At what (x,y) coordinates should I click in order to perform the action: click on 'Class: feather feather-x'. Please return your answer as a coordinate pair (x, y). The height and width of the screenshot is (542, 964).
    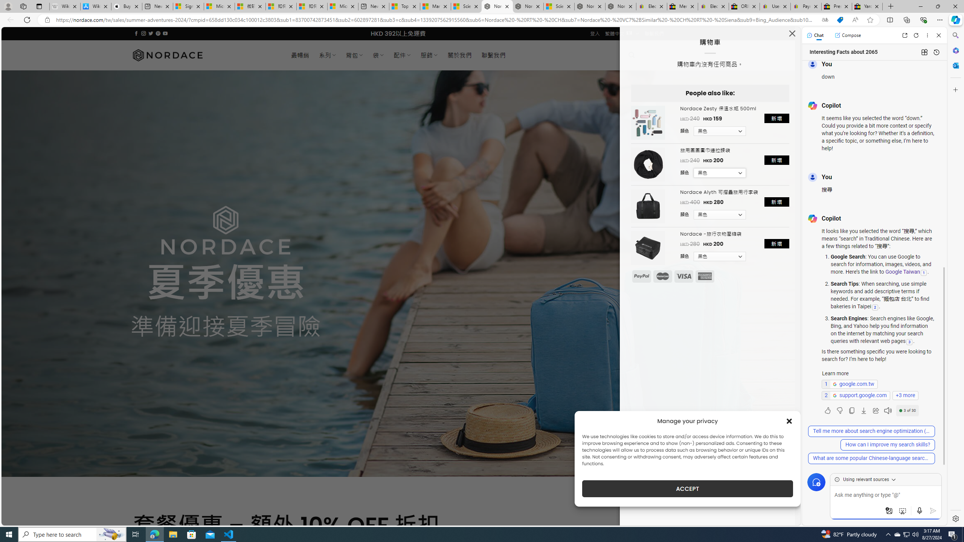
    Looking at the image, I should click on (792, 33).